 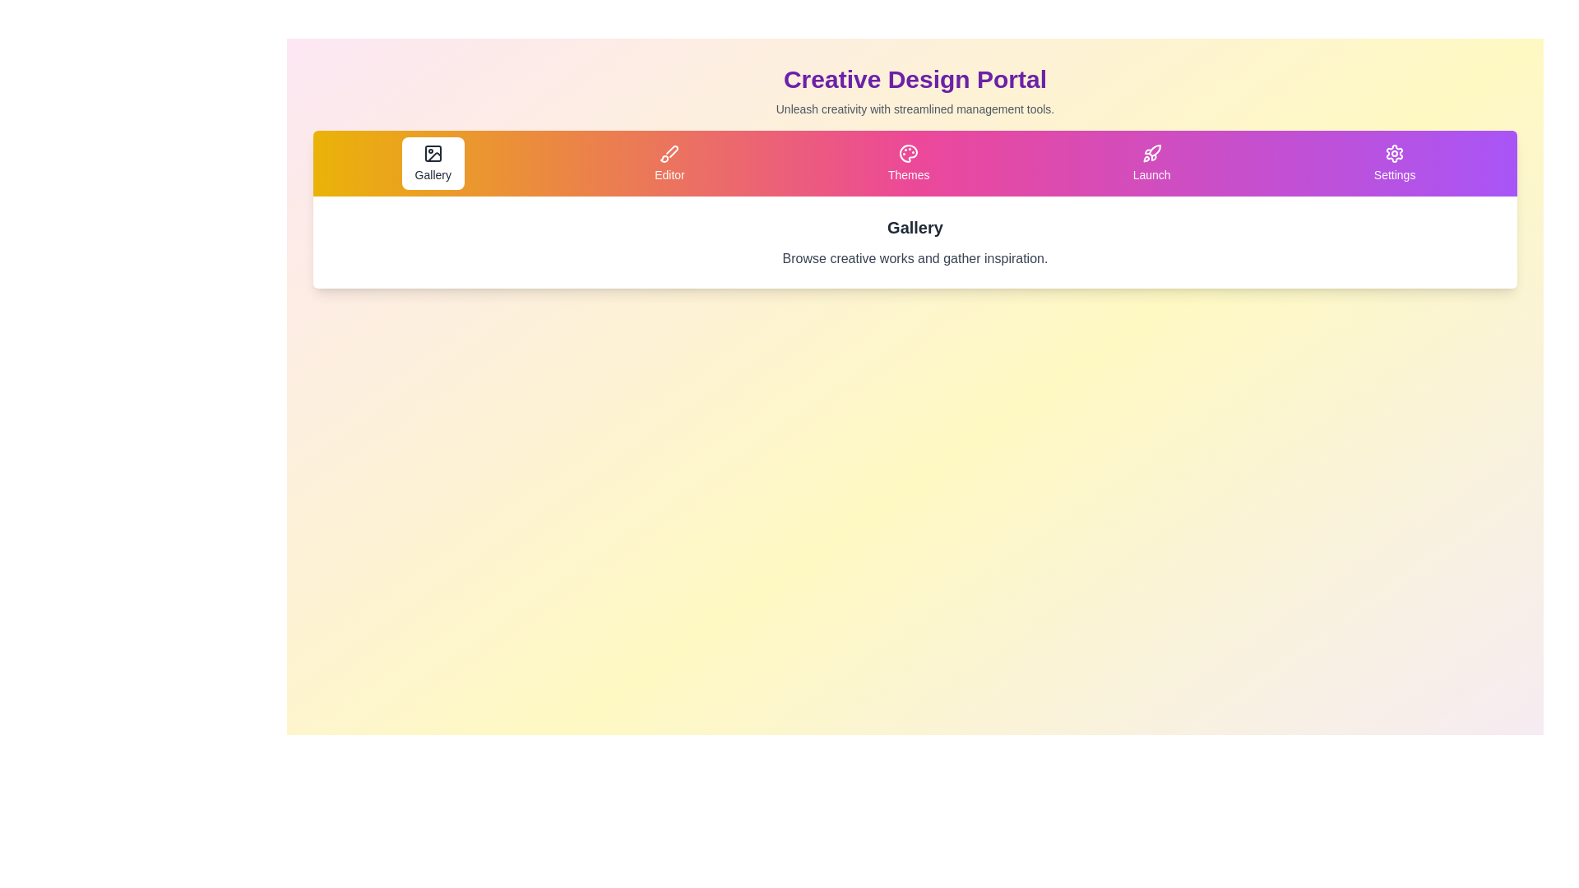 I want to click on the 'Settings' icon located in the top-right section of the navigation bar, so click(x=1394, y=153).